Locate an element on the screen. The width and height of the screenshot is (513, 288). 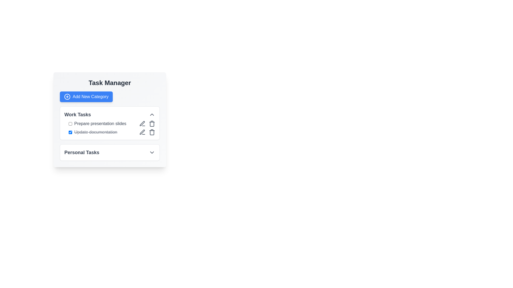
the text element displaying 'Prepare presentation slides' in gray font, located under the 'Work Tasks' category is located at coordinates (100, 123).